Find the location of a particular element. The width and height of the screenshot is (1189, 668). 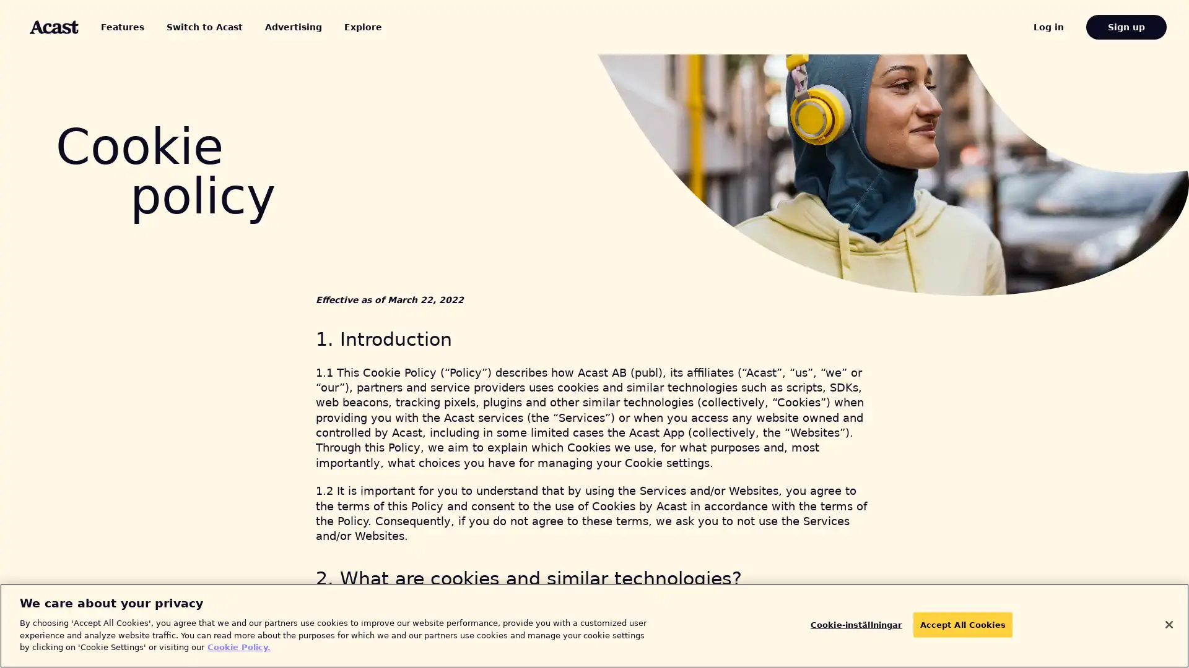

Go to the homepage is located at coordinates (53, 27).